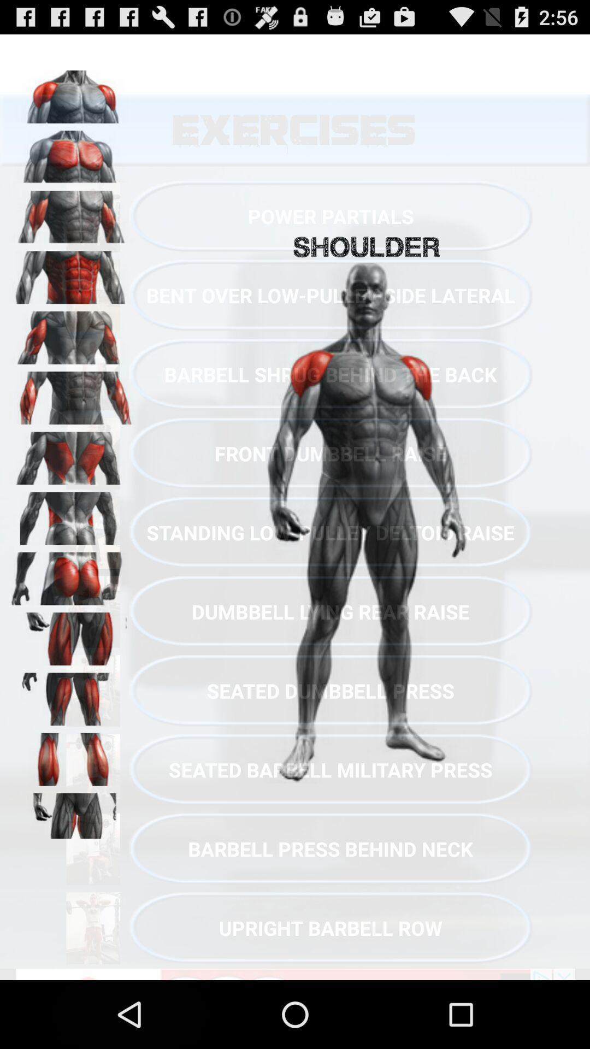 This screenshot has height=1049, width=590. What do you see at coordinates (72, 635) in the screenshot?
I see `leg` at bounding box center [72, 635].